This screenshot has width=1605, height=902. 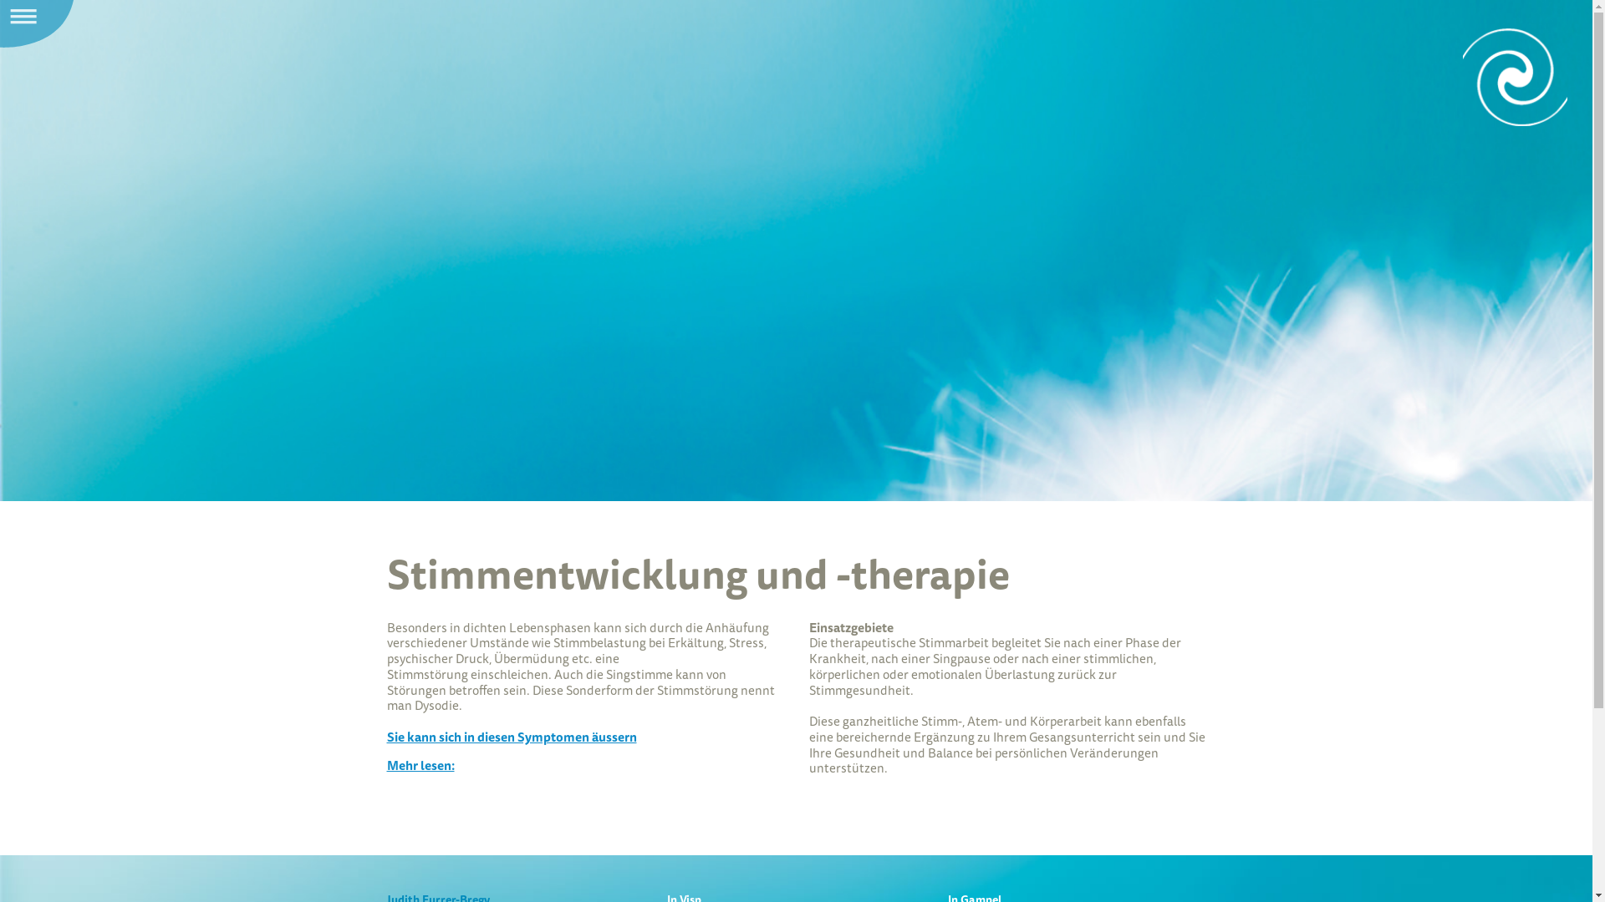 What do you see at coordinates (1515, 77) in the screenshot?
I see `'Atem und Stimme:'` at bounding box center [1515, 77].